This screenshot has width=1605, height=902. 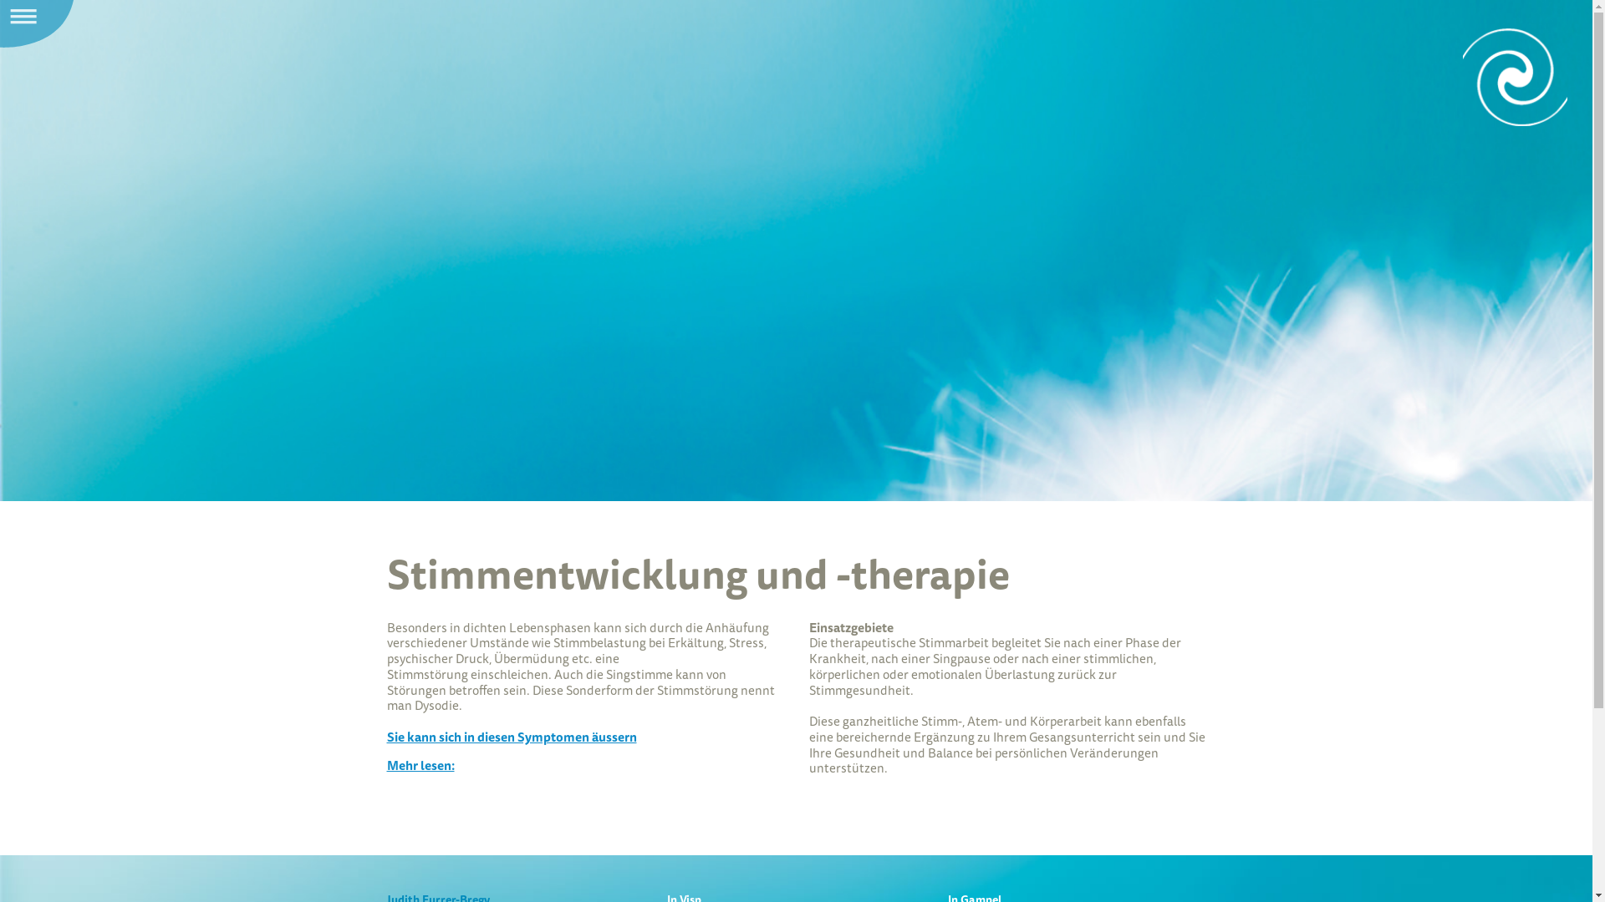 What do you see at coordinates (1515, 77) in the screenshot?
I see `'Atem und Stimme:'` at bounding box center [1515, 77].